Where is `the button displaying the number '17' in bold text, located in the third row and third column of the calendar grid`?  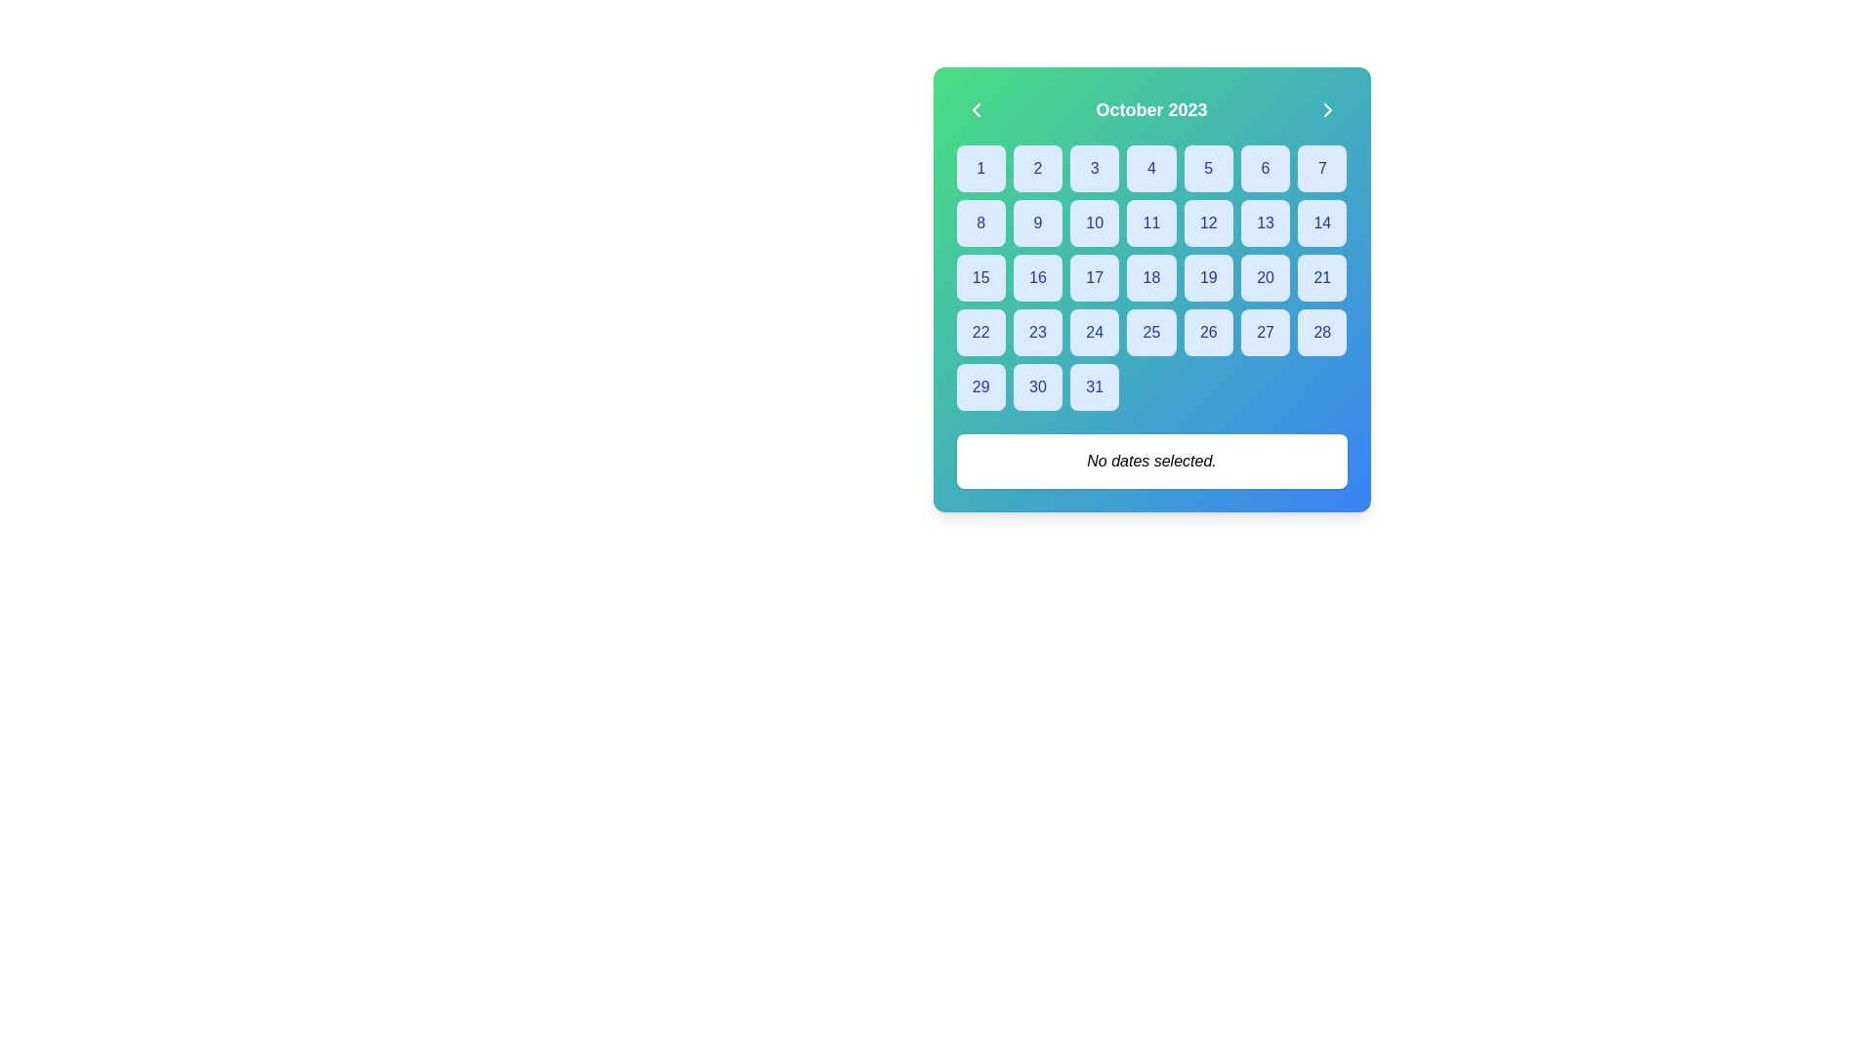
the button displaying the number '17' in bold text, located in the third row and third column of the calendar grid is located at coordinates (1095, 278).